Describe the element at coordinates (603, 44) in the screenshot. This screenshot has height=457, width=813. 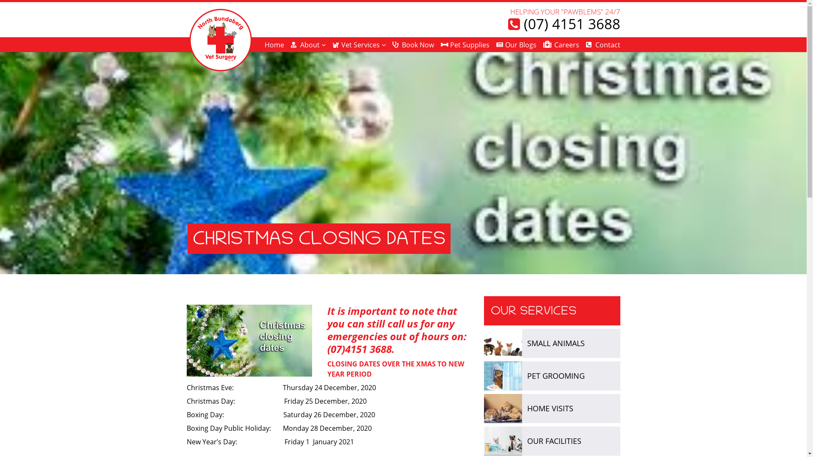
I see `'Contact'` at that location.